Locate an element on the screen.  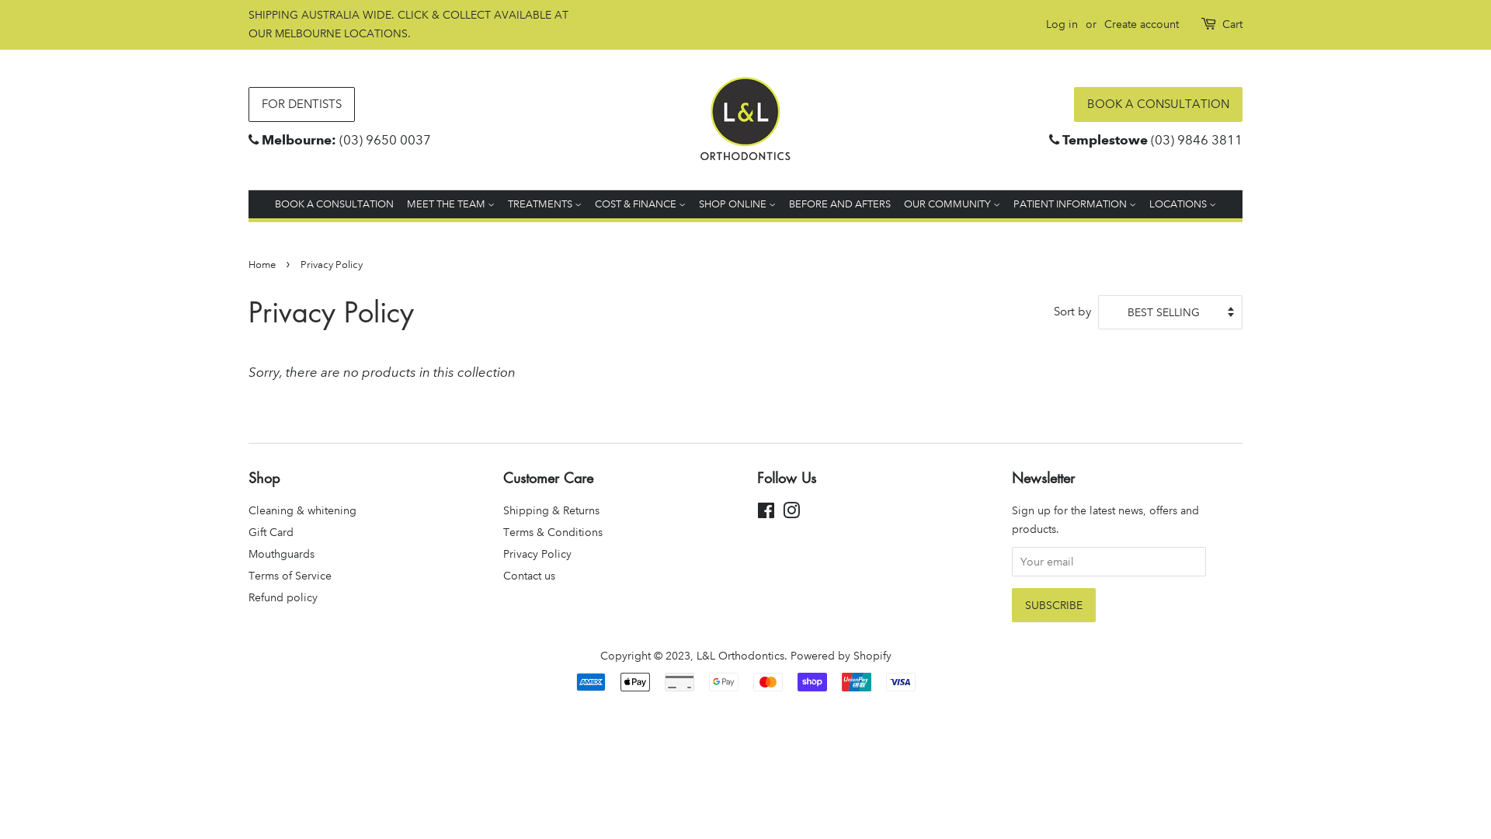
'Mouthguards' is located at coordinates (281, 553).